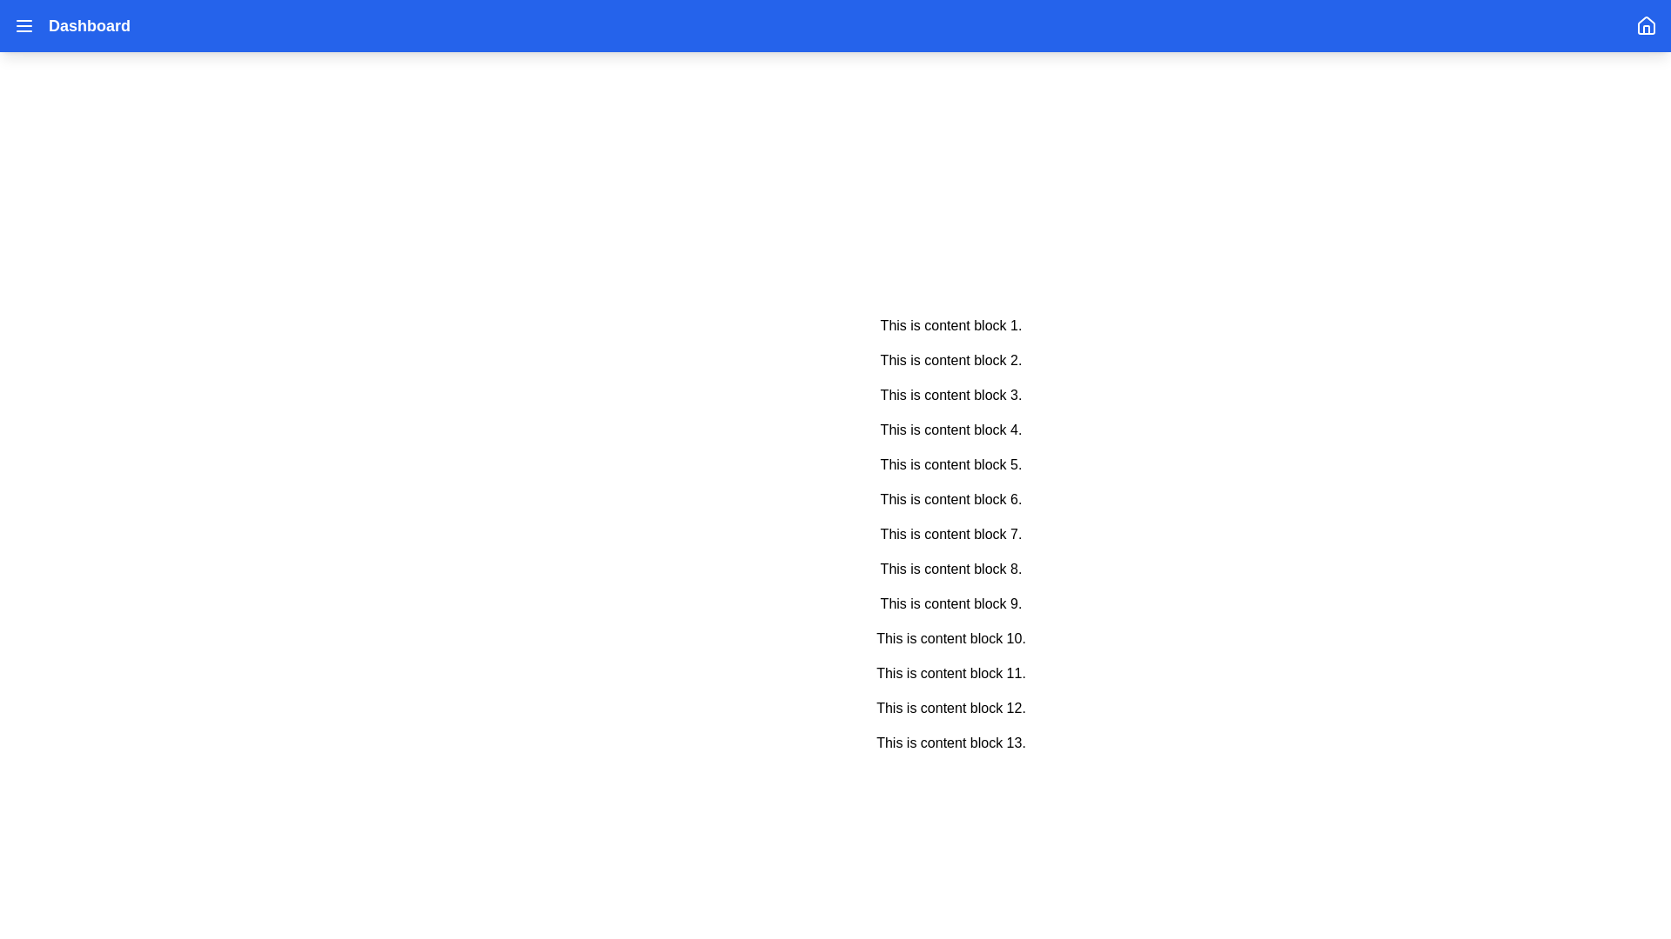 The width and height of the screenshot is (1671, 939). I want to click on the 11th text block displaying 'This is content block 11.' in a vertical list of text blocks, so click(950, 673).